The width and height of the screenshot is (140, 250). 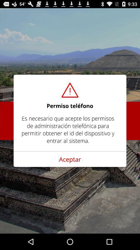 What do you see at coordinates (70, 159) in the screenshot?
I see `aceptar` at bounding box center [70, 159].